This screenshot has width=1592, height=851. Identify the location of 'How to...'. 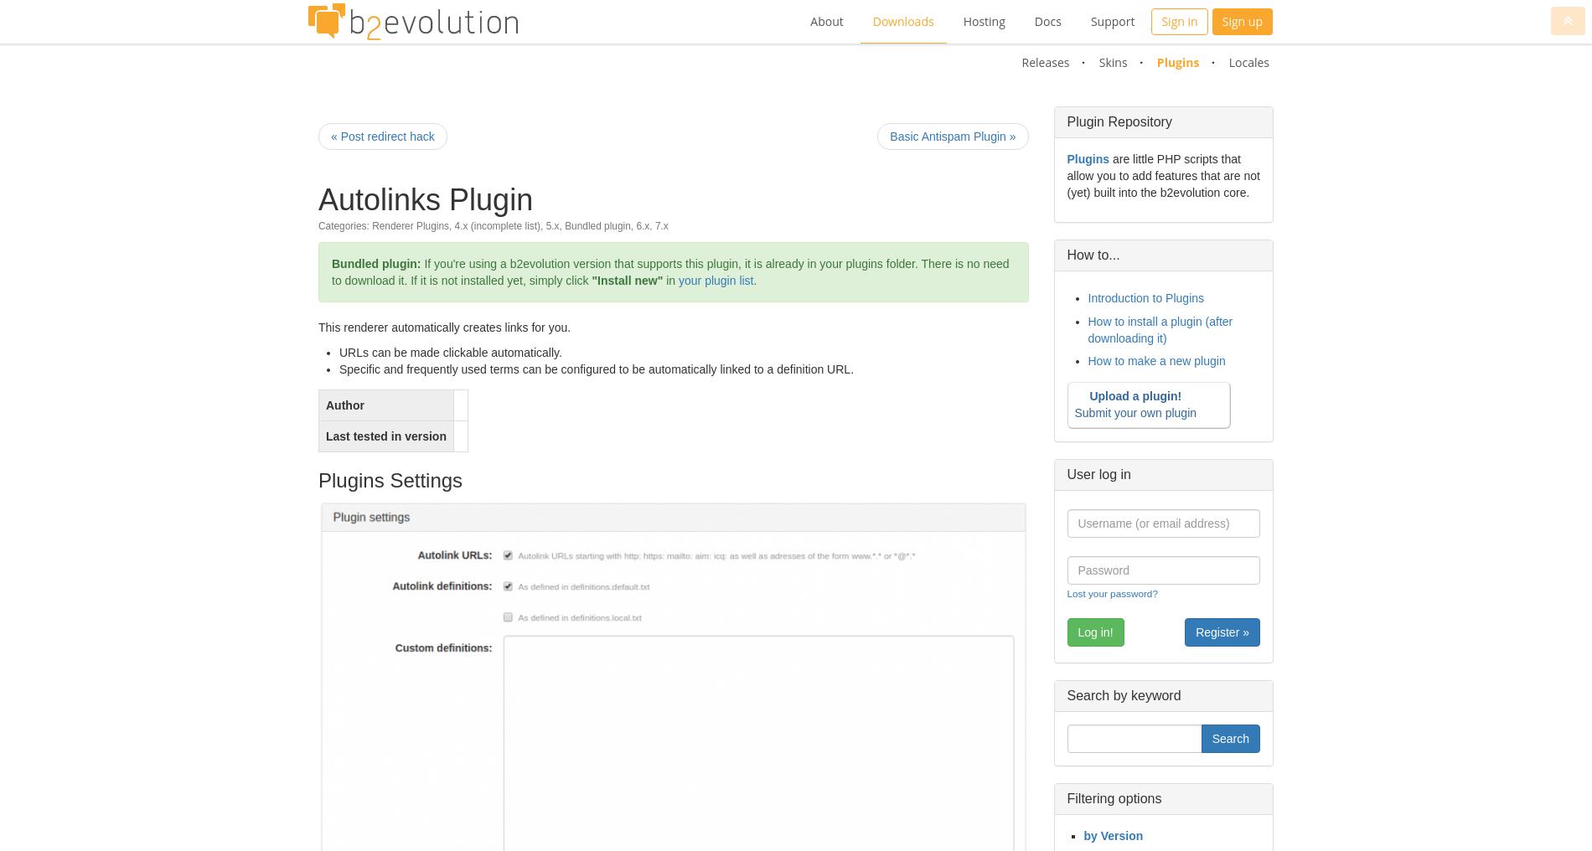
(1092, 254).